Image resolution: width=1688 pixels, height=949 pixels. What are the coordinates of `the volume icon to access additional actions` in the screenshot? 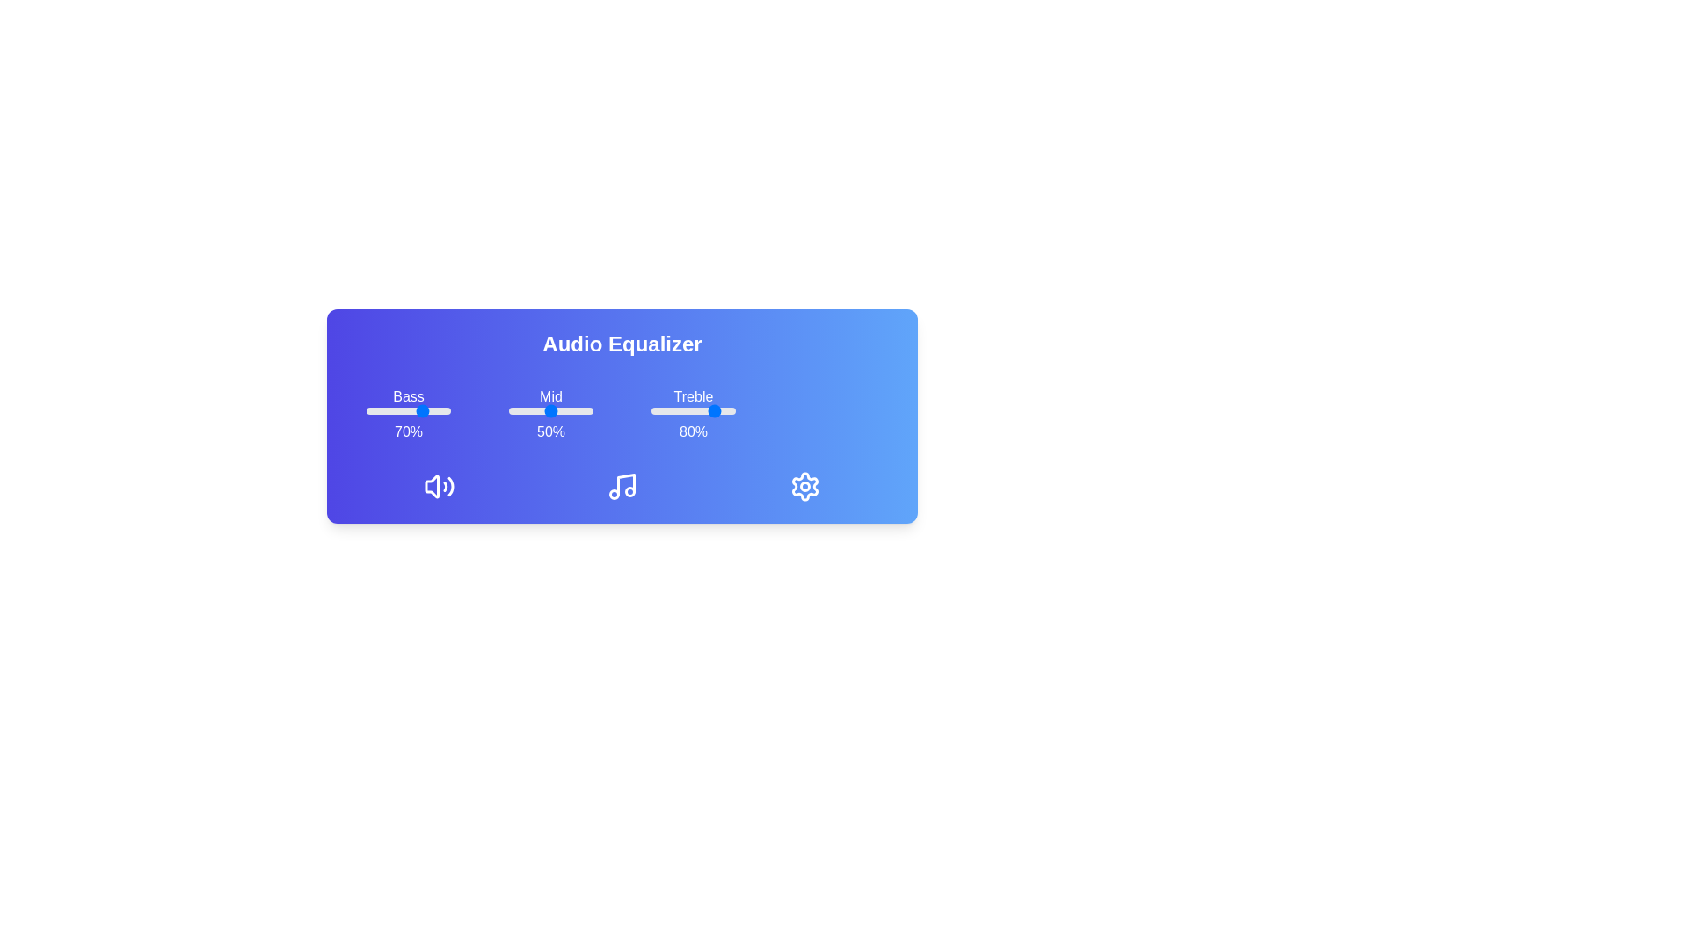 It's located at (439, 487).